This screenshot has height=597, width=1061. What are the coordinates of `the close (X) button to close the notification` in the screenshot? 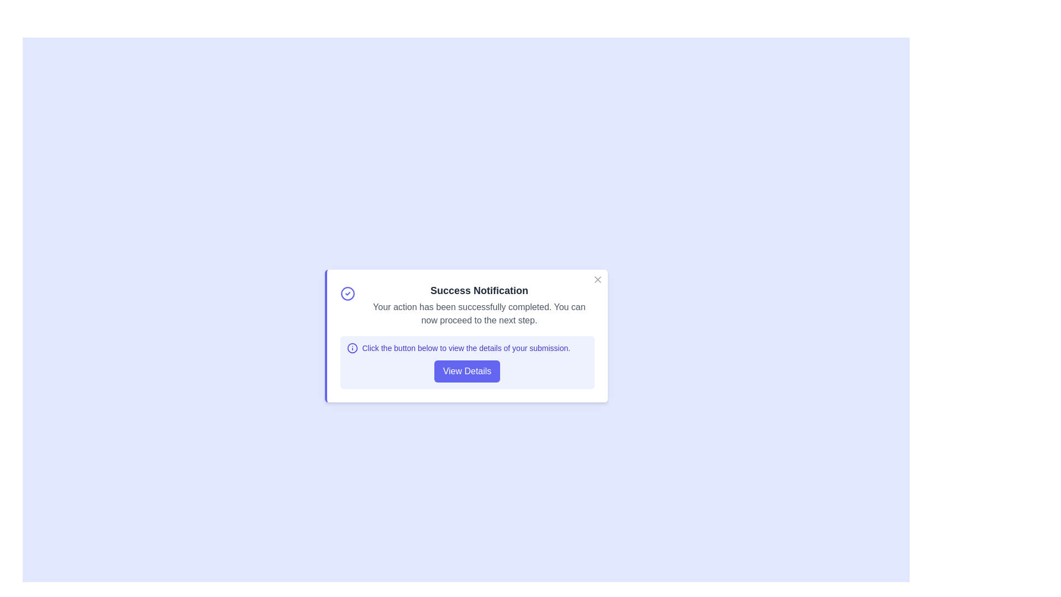 It's located at (597, 279).